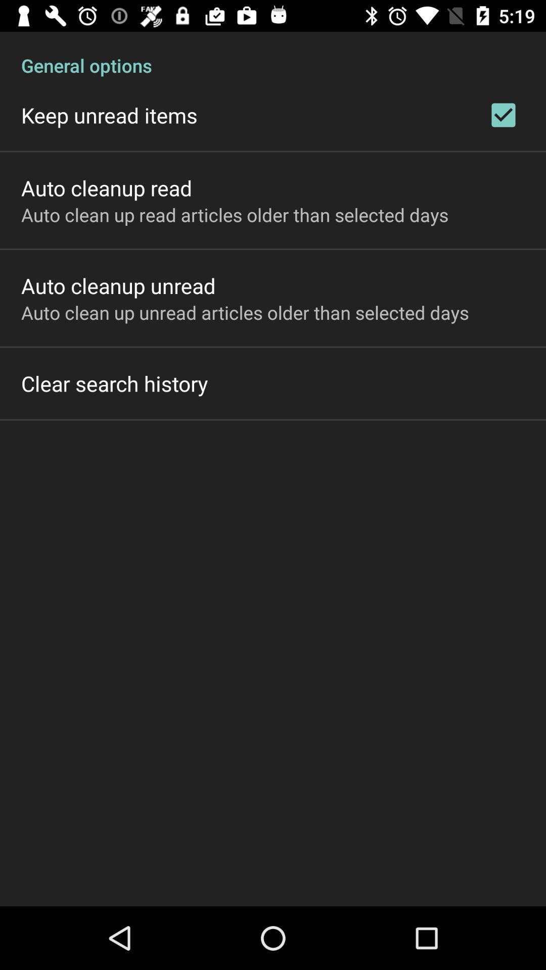 The height and width of the screenshot is (970, 546). I want to click on the item to the right of the keep unread items item, so click(503, 115).